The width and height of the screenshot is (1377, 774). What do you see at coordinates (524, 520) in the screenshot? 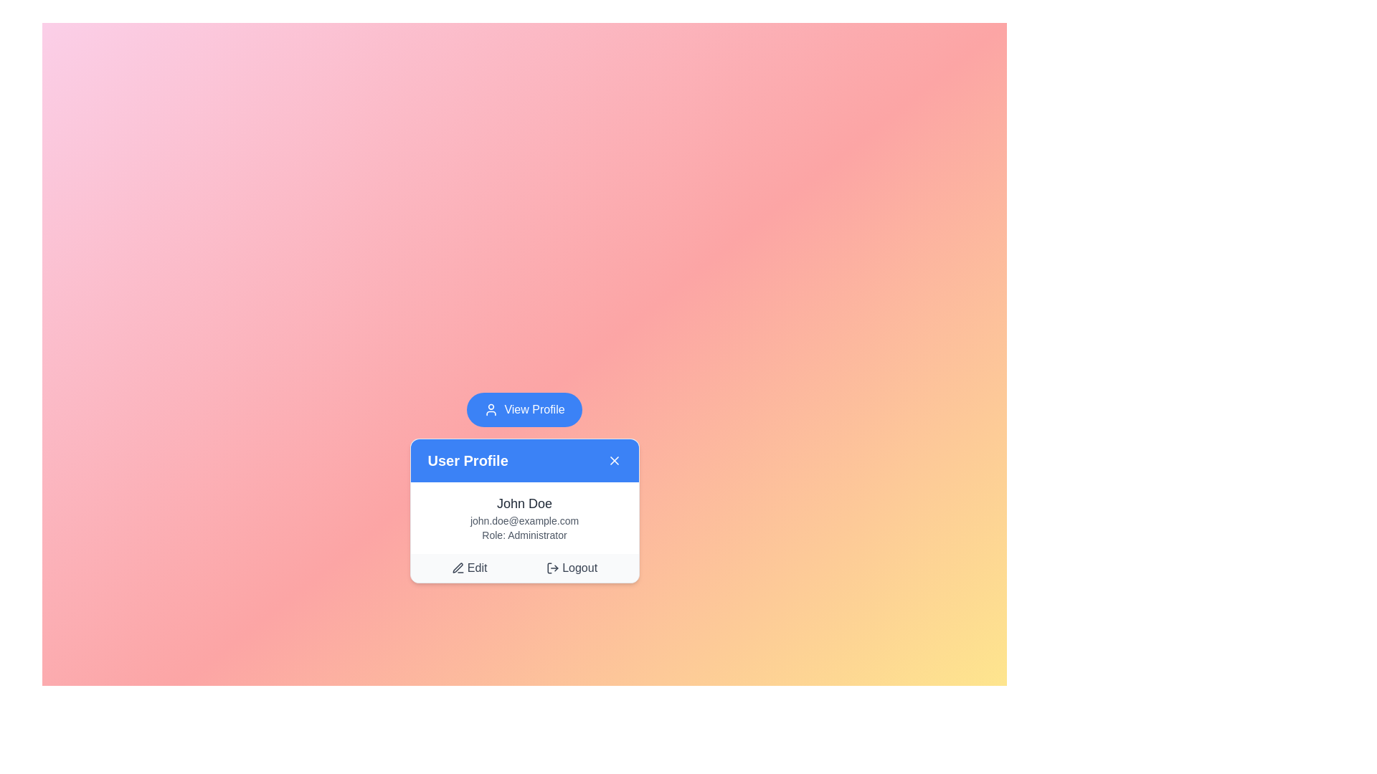
I see `the email address text label that displays the user's email corresponding to the 'John Doe' profile, positioned below the 'John Doe' label and above the 'Role: Administrator' text` at bounding box center [524, 520].